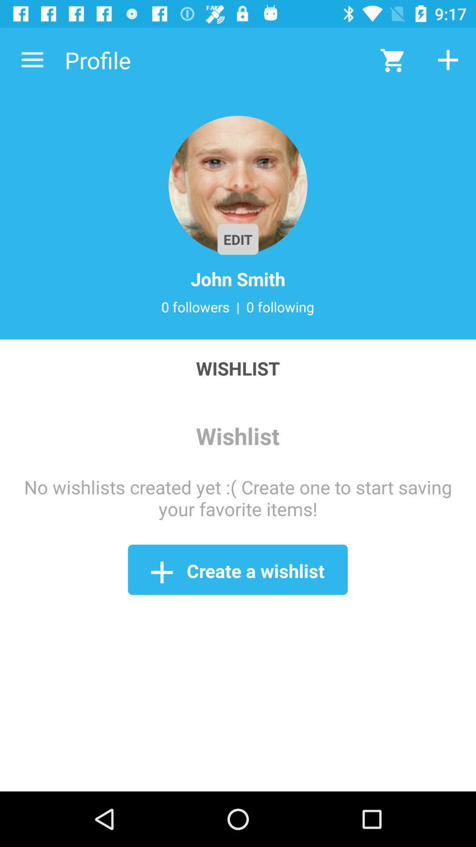 The width and height of the screenshot is (476, 847). What do you see at coordinates (195, 307) in the screenshot?
I see `the 0 followers` at bounding box center [195, 307].